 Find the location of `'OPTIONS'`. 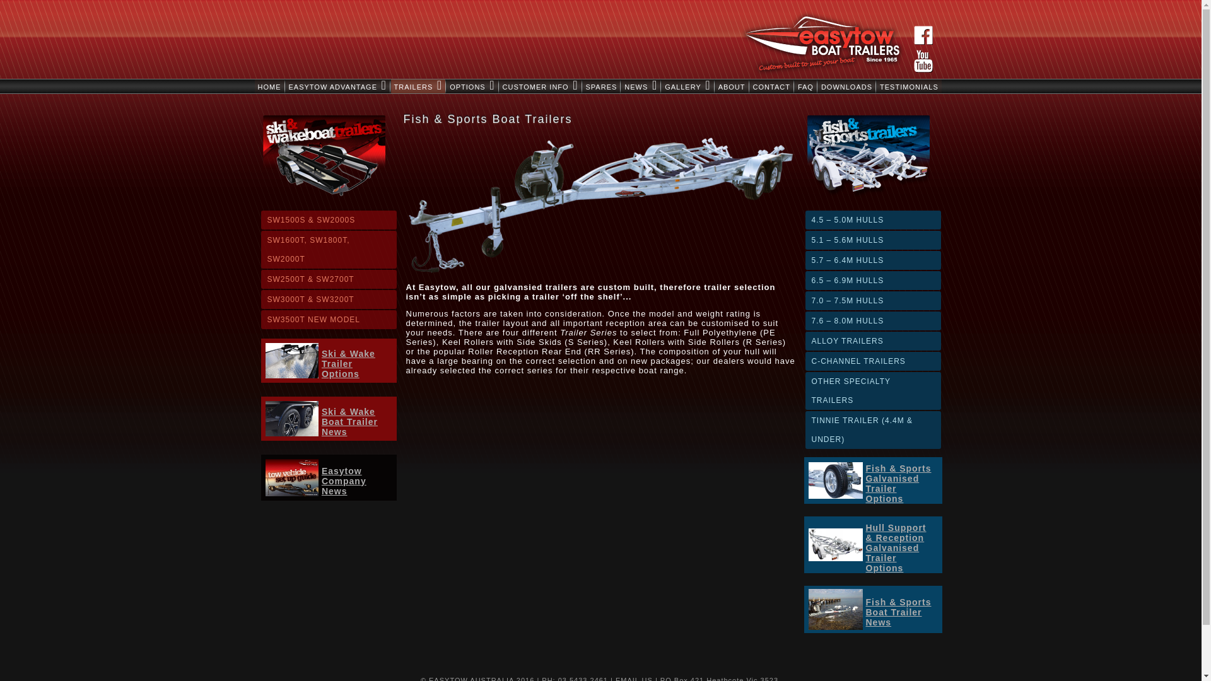

'OPTIONS' is located at coordinates (471, 86).